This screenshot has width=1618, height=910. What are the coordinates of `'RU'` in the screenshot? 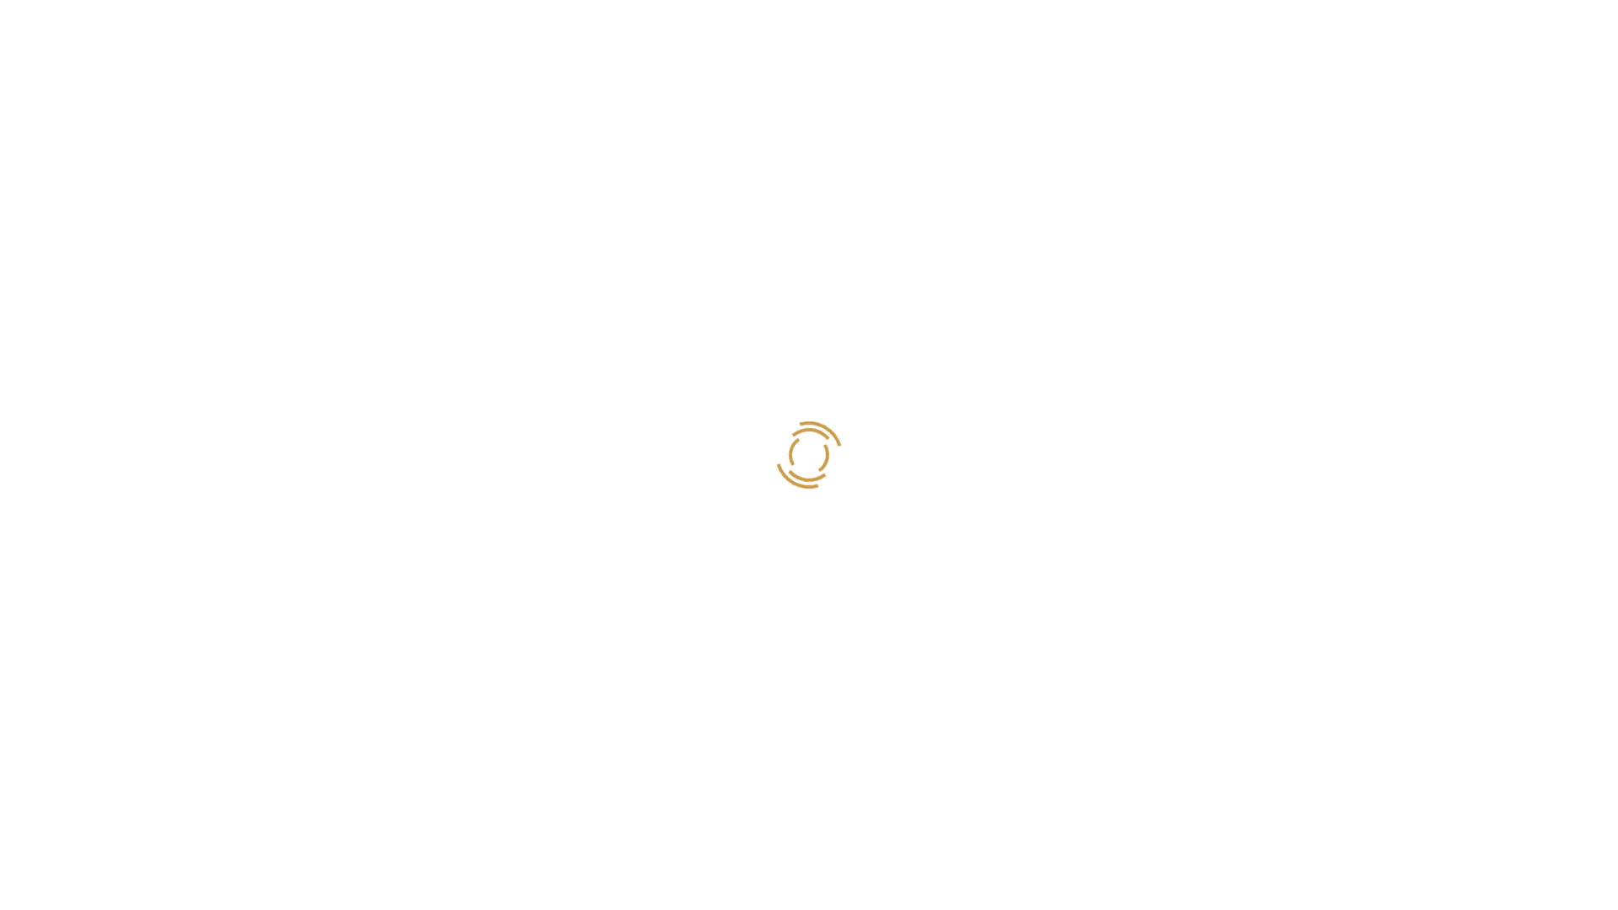 It's located at (1546, 28).